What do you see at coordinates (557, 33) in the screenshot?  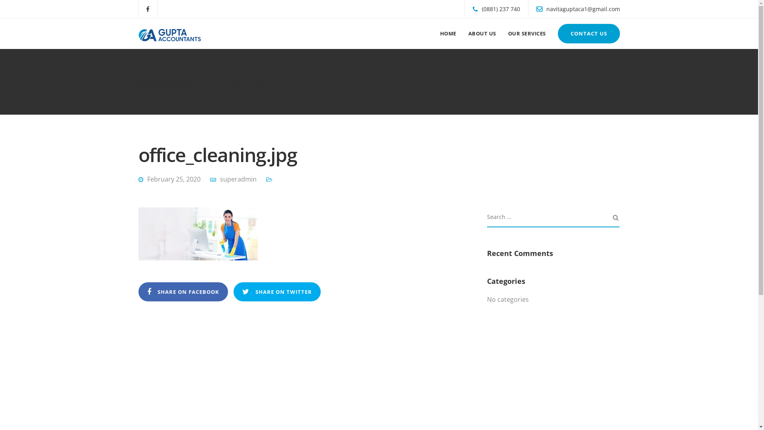 I see `'CONTACT US'` at bounding box center [557, 33].